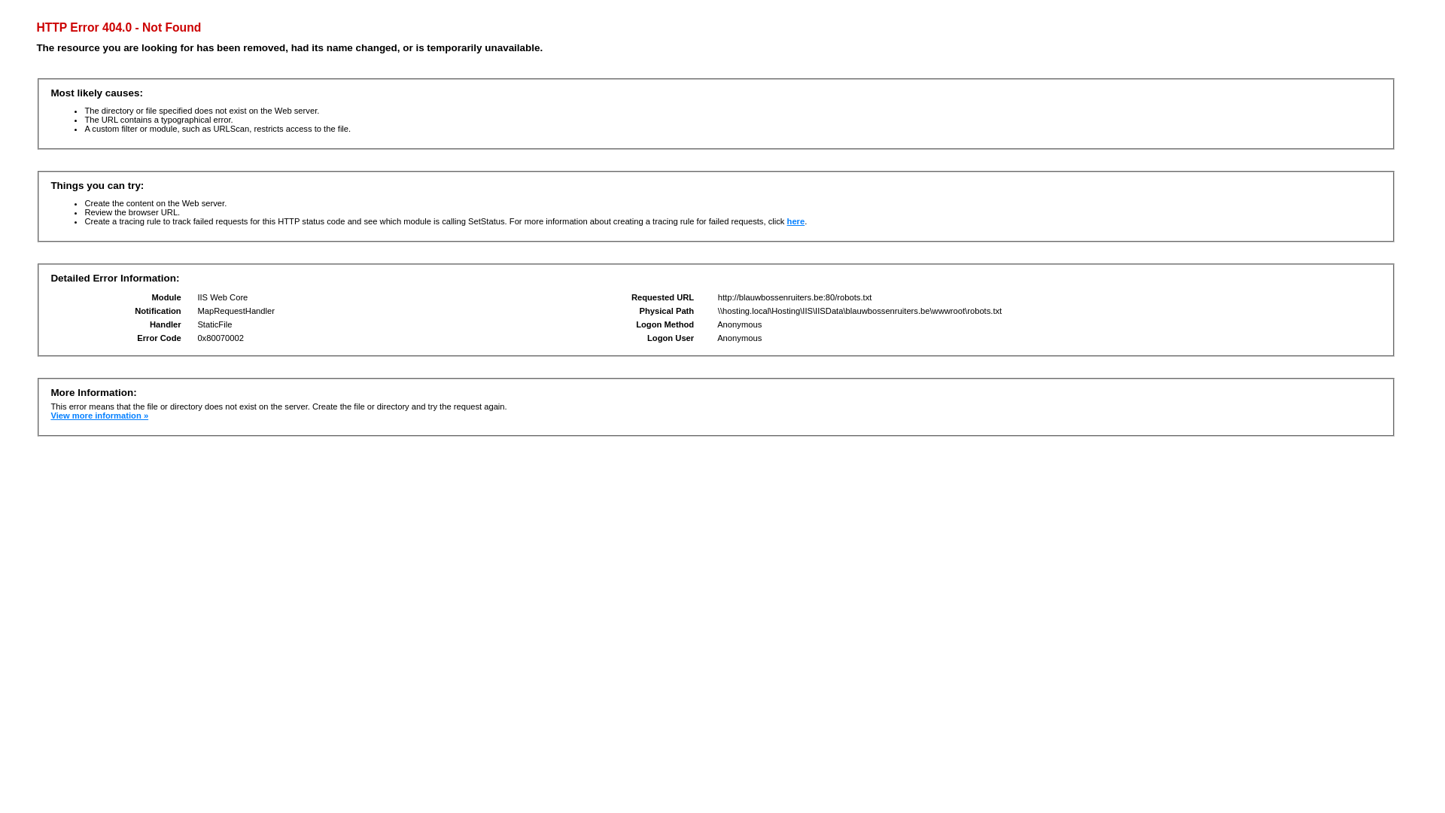 Image resolution: width=1445 pixels, height=813 pixels. Describe the element at coordinates (795, 221) in the screenshot. I see `'here'` at that location.